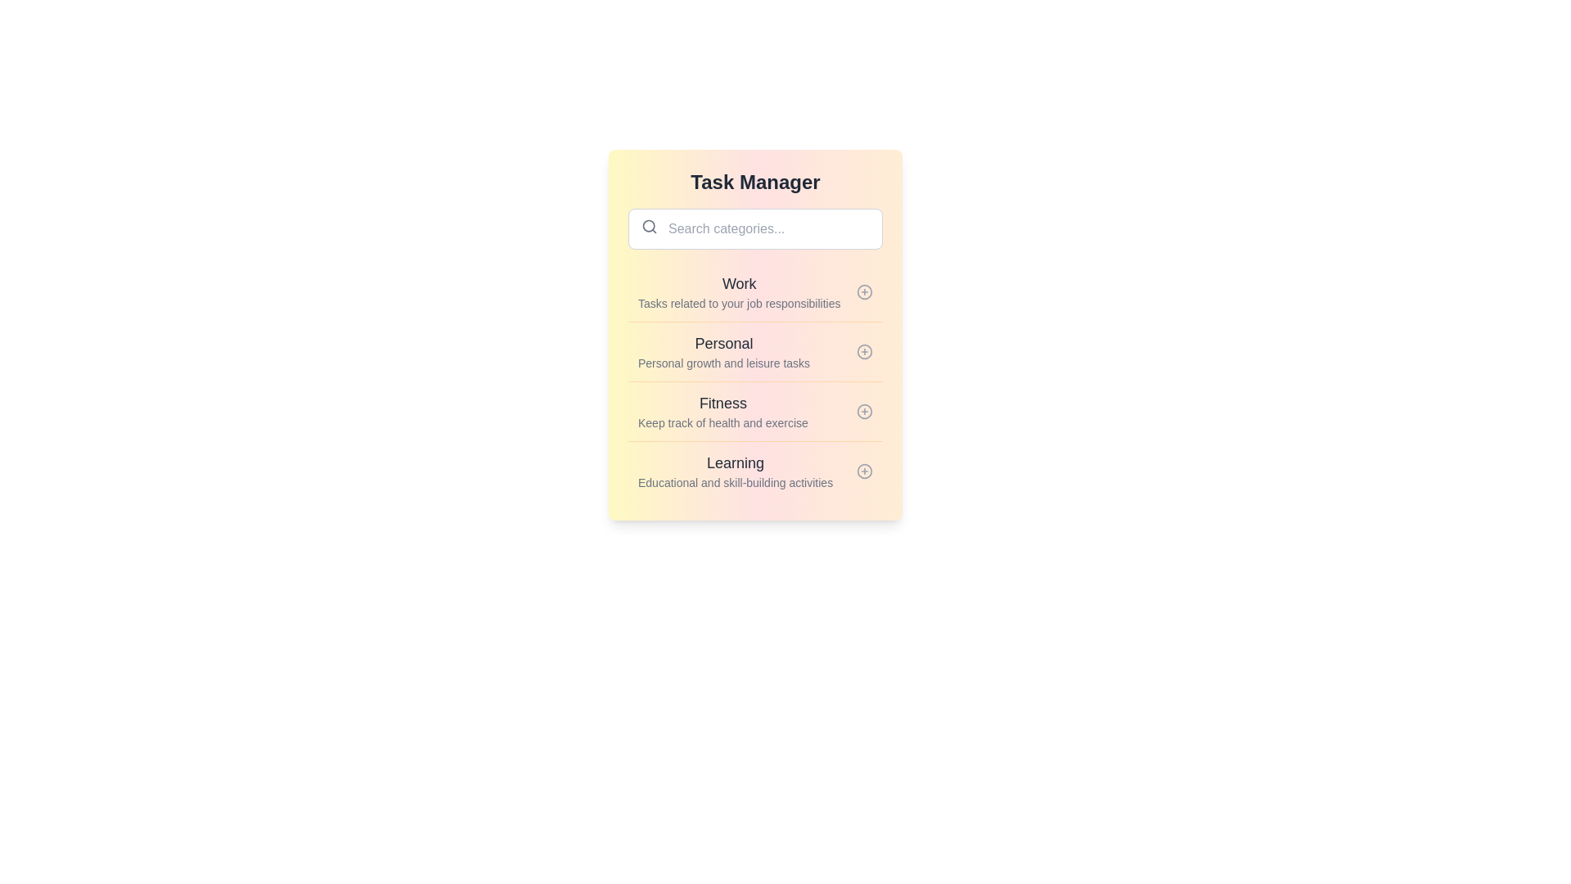 The height and width of the screenshot is (884, 1571). What do you see at coordinates (738, 291) in the screenshot?
I see `the 'Work' category section, which is the first item in the categorized list under 'Task Manager'` at bounding box center [738, 291].